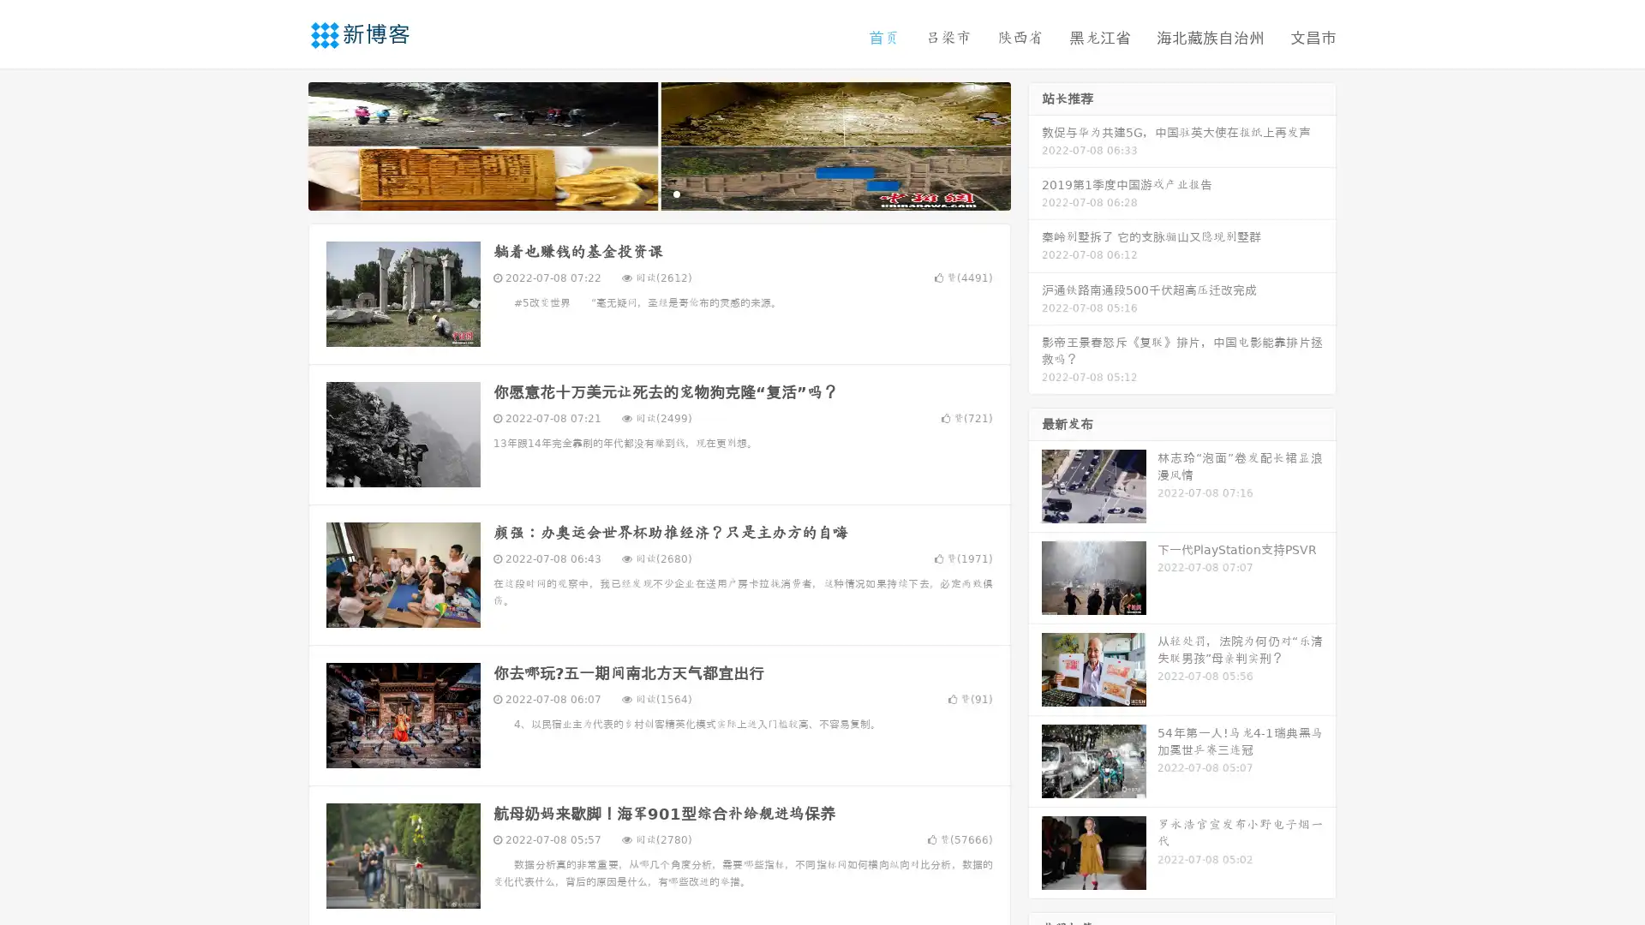 Image resolution: width=1645 pixels, height=925 pixels. What do you see at coordinates (1035, 144) in the screenshot?
I see `Next slide` at bounding box center [1035, 144].